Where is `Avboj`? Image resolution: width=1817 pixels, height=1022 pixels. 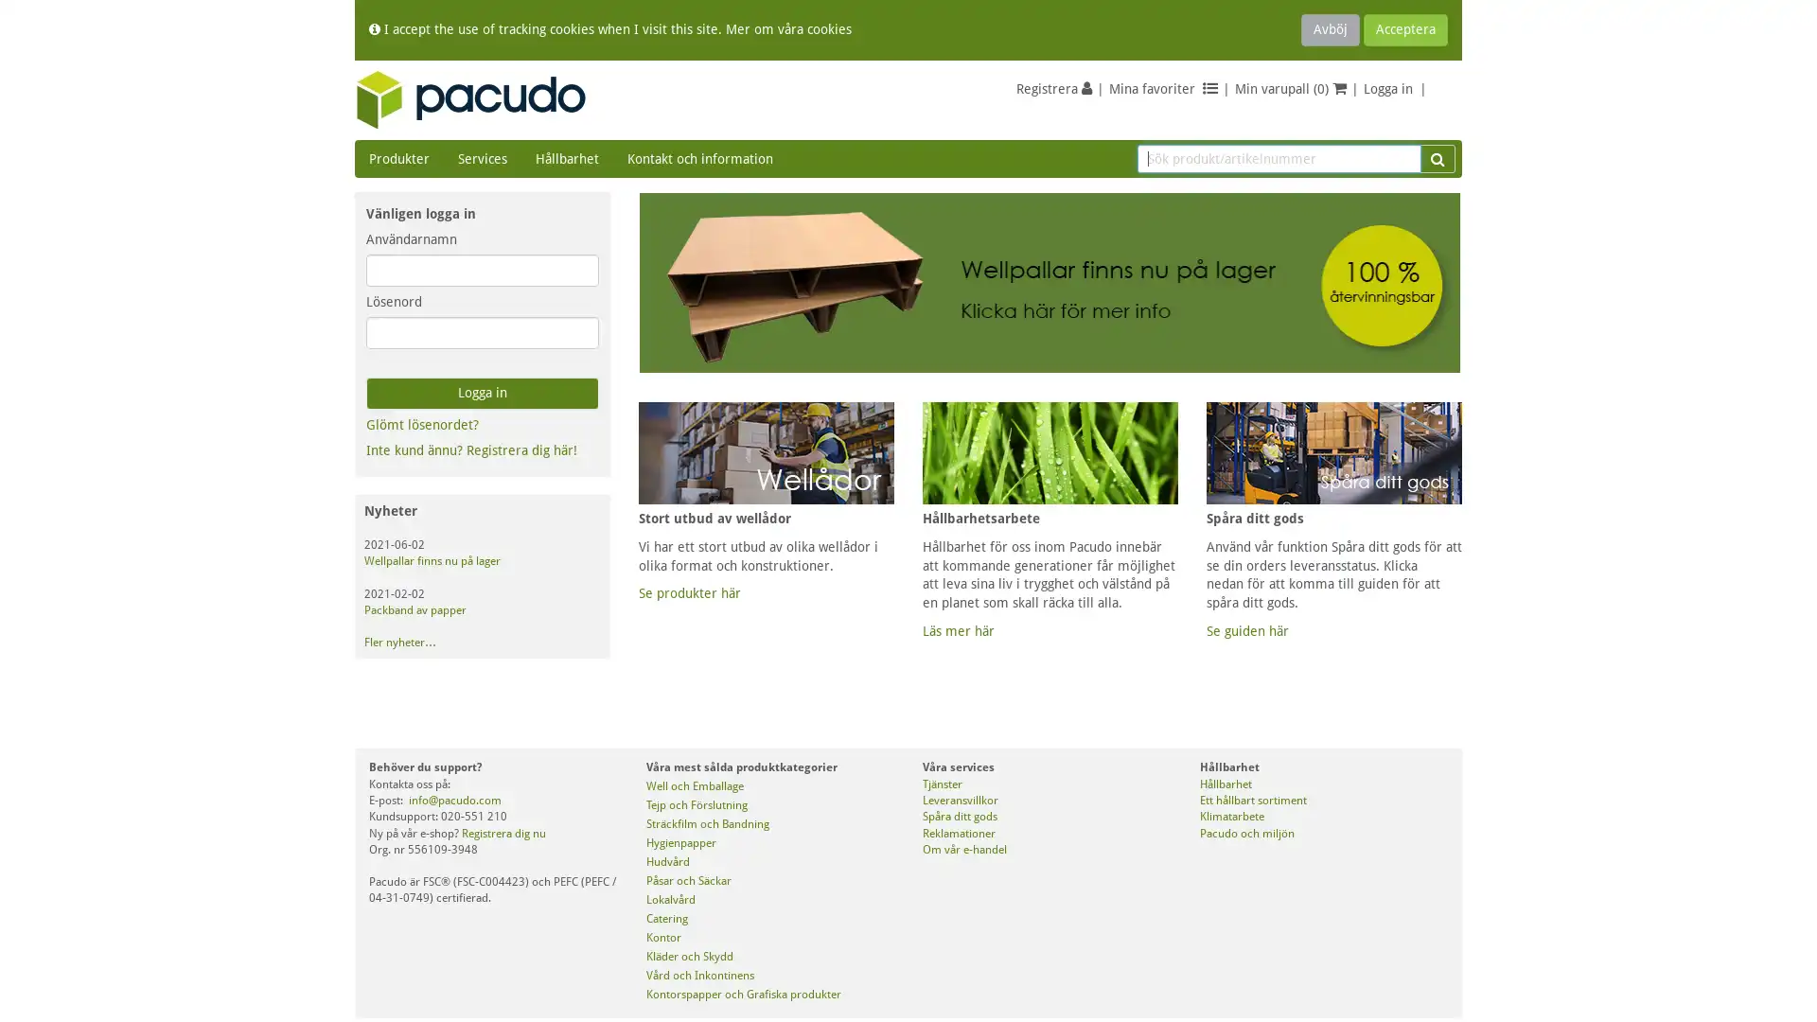
Avboj is located at coordinates (1330, 29).